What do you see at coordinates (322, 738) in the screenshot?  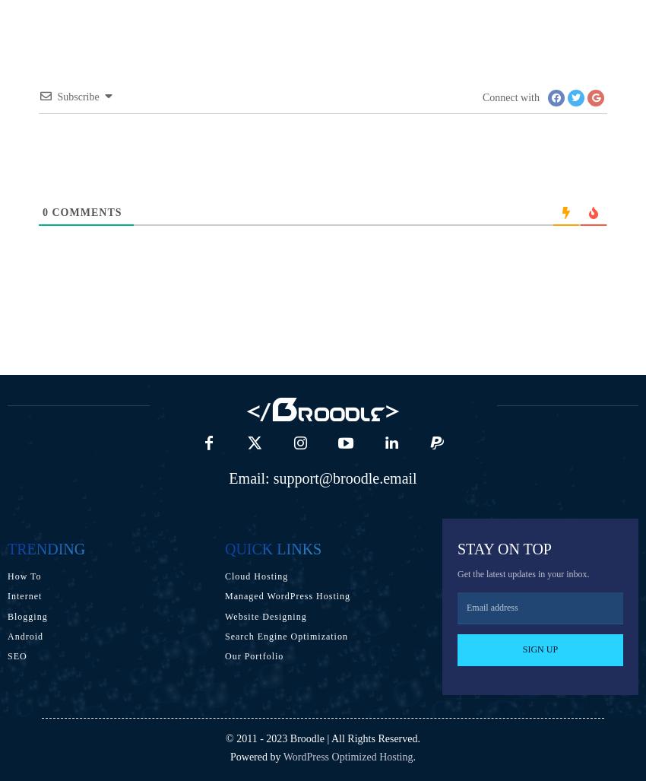 I see `'© 2011 - 2023 Broodle | All Rights Reserved.'` at bounding box center [322, 738].